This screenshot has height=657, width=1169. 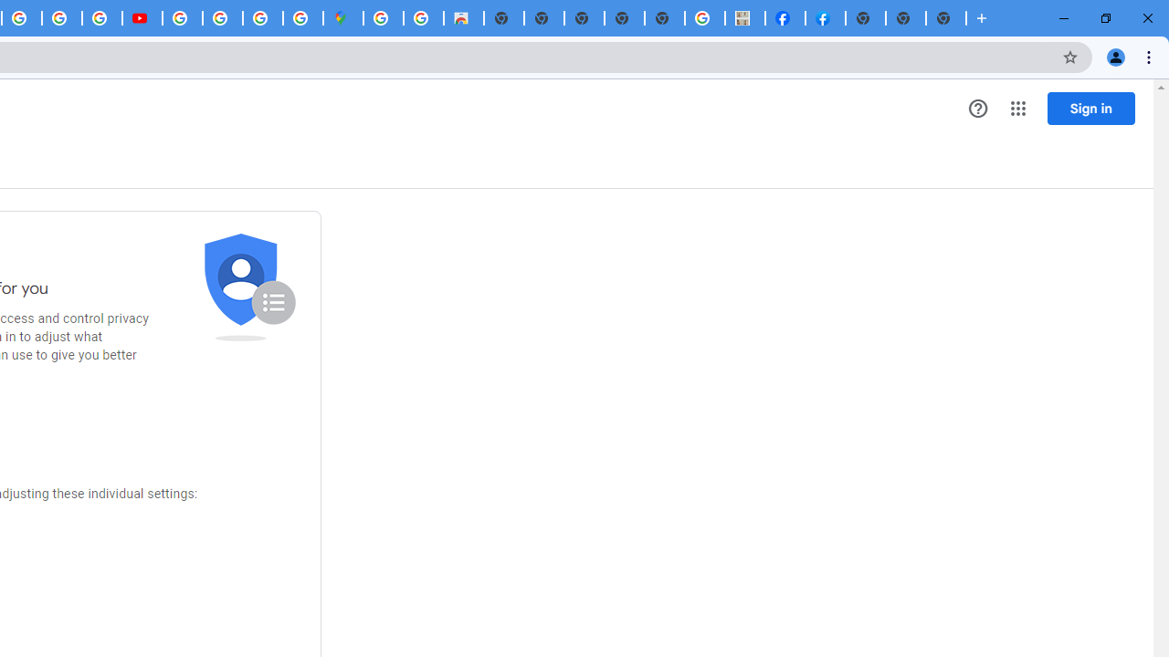 What do you see at coordinates (946, 18) in the screenshot?
I see `'New Tab'` at bounding box center [946, 18].